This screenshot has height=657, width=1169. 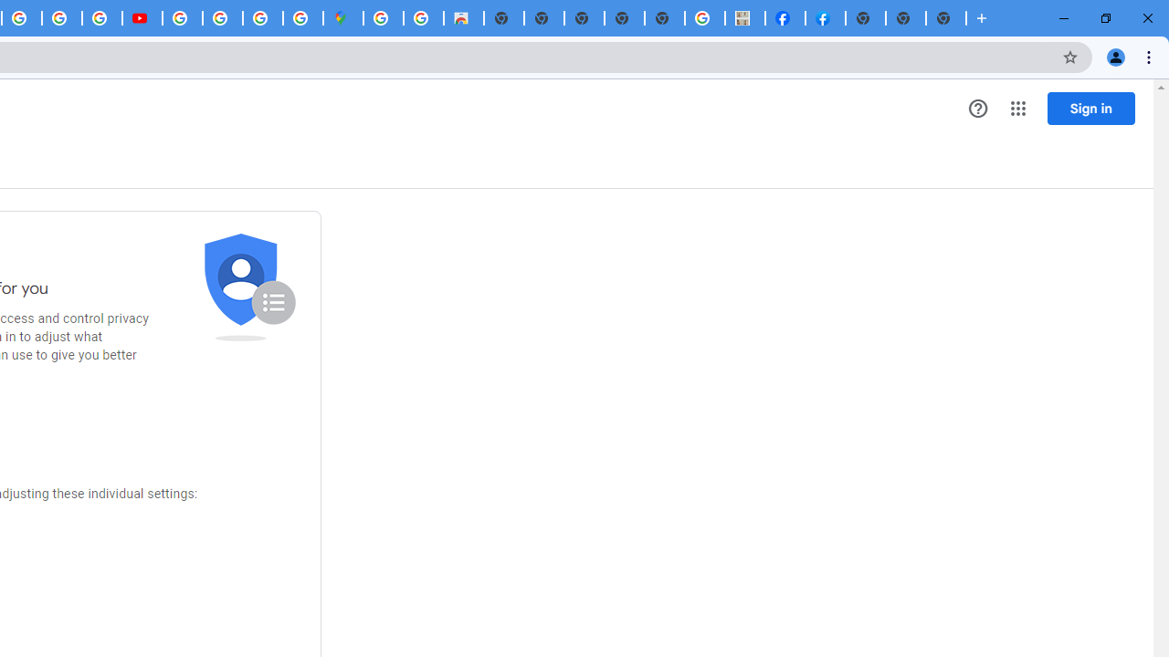 What do you see at coordinates (946, 18) in the screenshot?
I see `'New Tab'` at bounding box center [946, 18].